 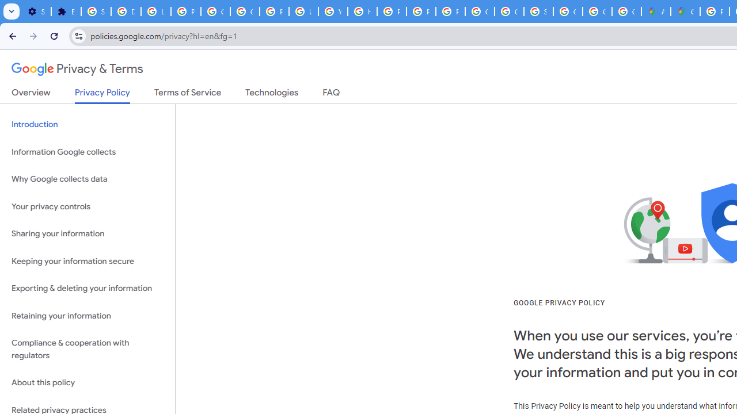 I want to click on 'Compliance & cooperation with regulators', so click(x=87, y=349).